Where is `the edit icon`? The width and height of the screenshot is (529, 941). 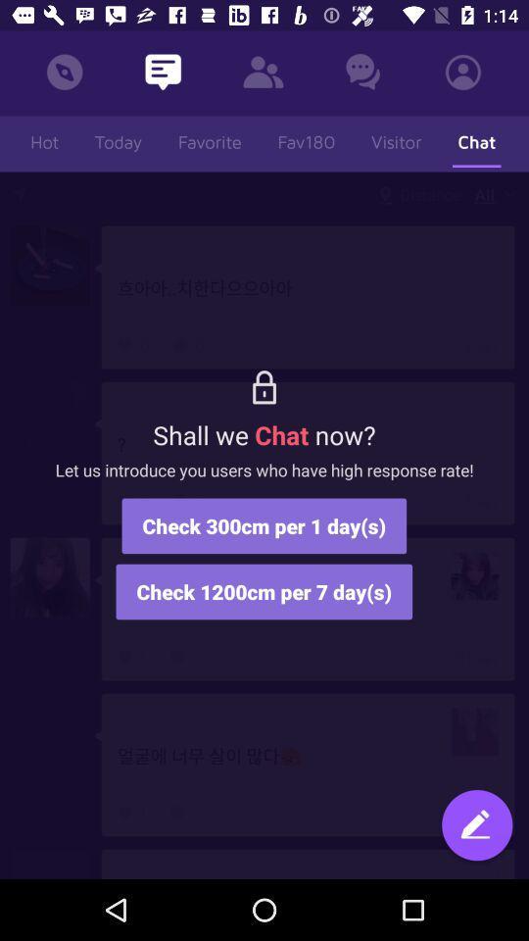 the edit icon is located at coordinates (476, 826).